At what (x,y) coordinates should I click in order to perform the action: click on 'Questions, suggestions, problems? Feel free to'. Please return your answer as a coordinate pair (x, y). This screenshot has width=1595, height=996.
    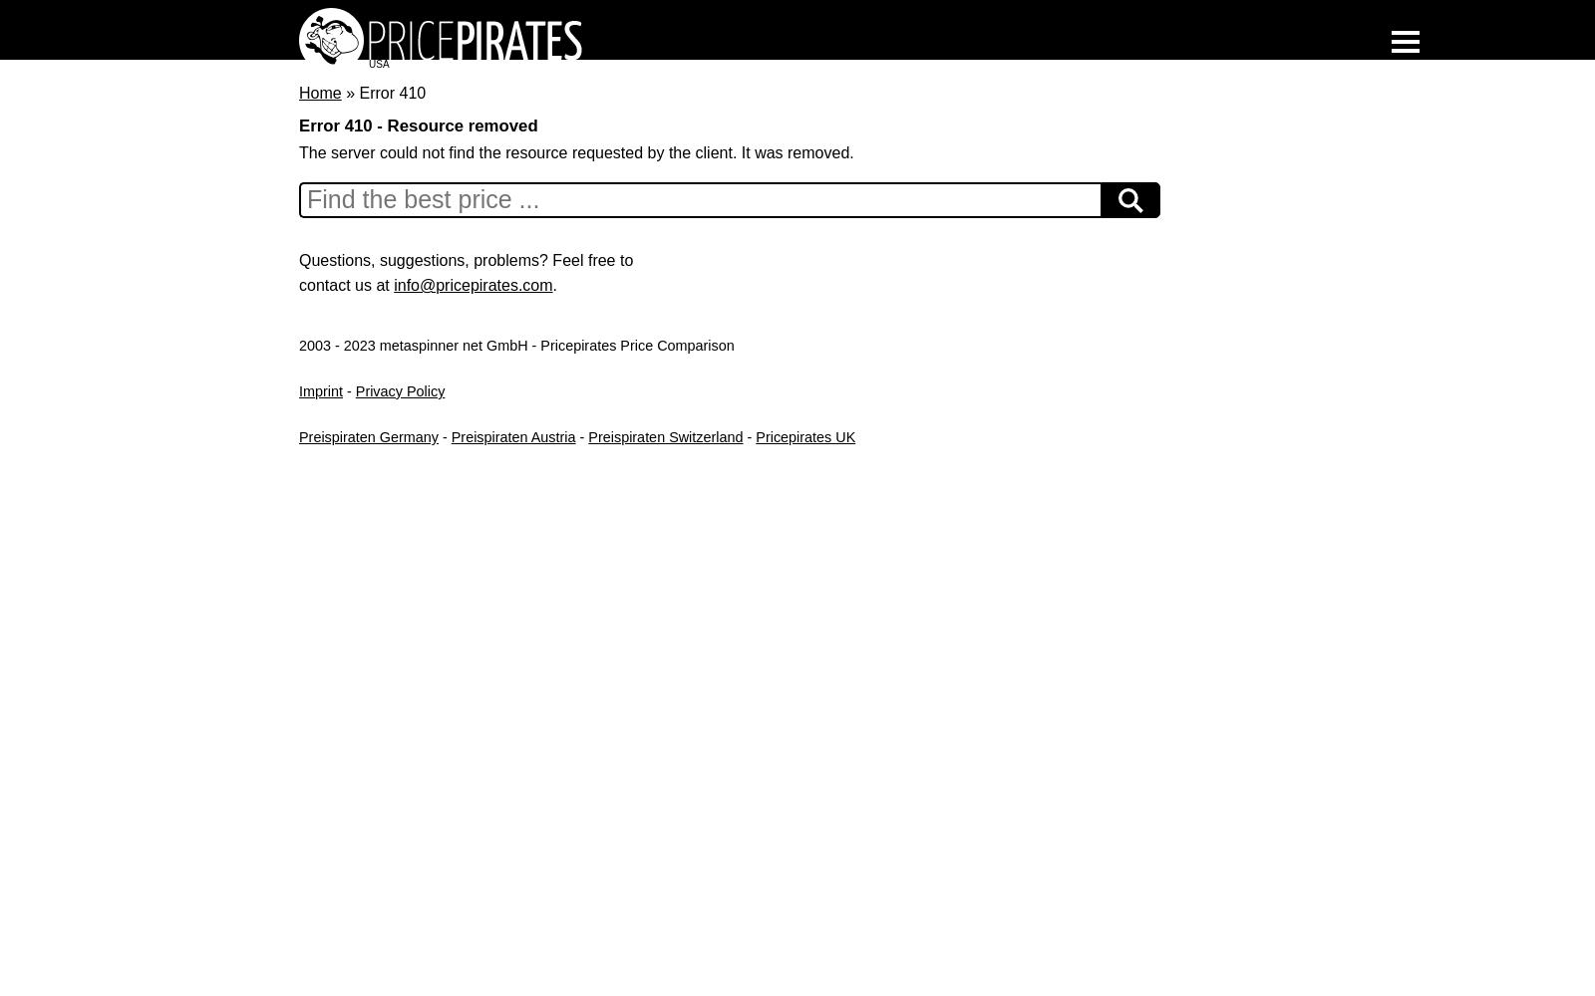
    Looking at the image, I should click on (299, 259).